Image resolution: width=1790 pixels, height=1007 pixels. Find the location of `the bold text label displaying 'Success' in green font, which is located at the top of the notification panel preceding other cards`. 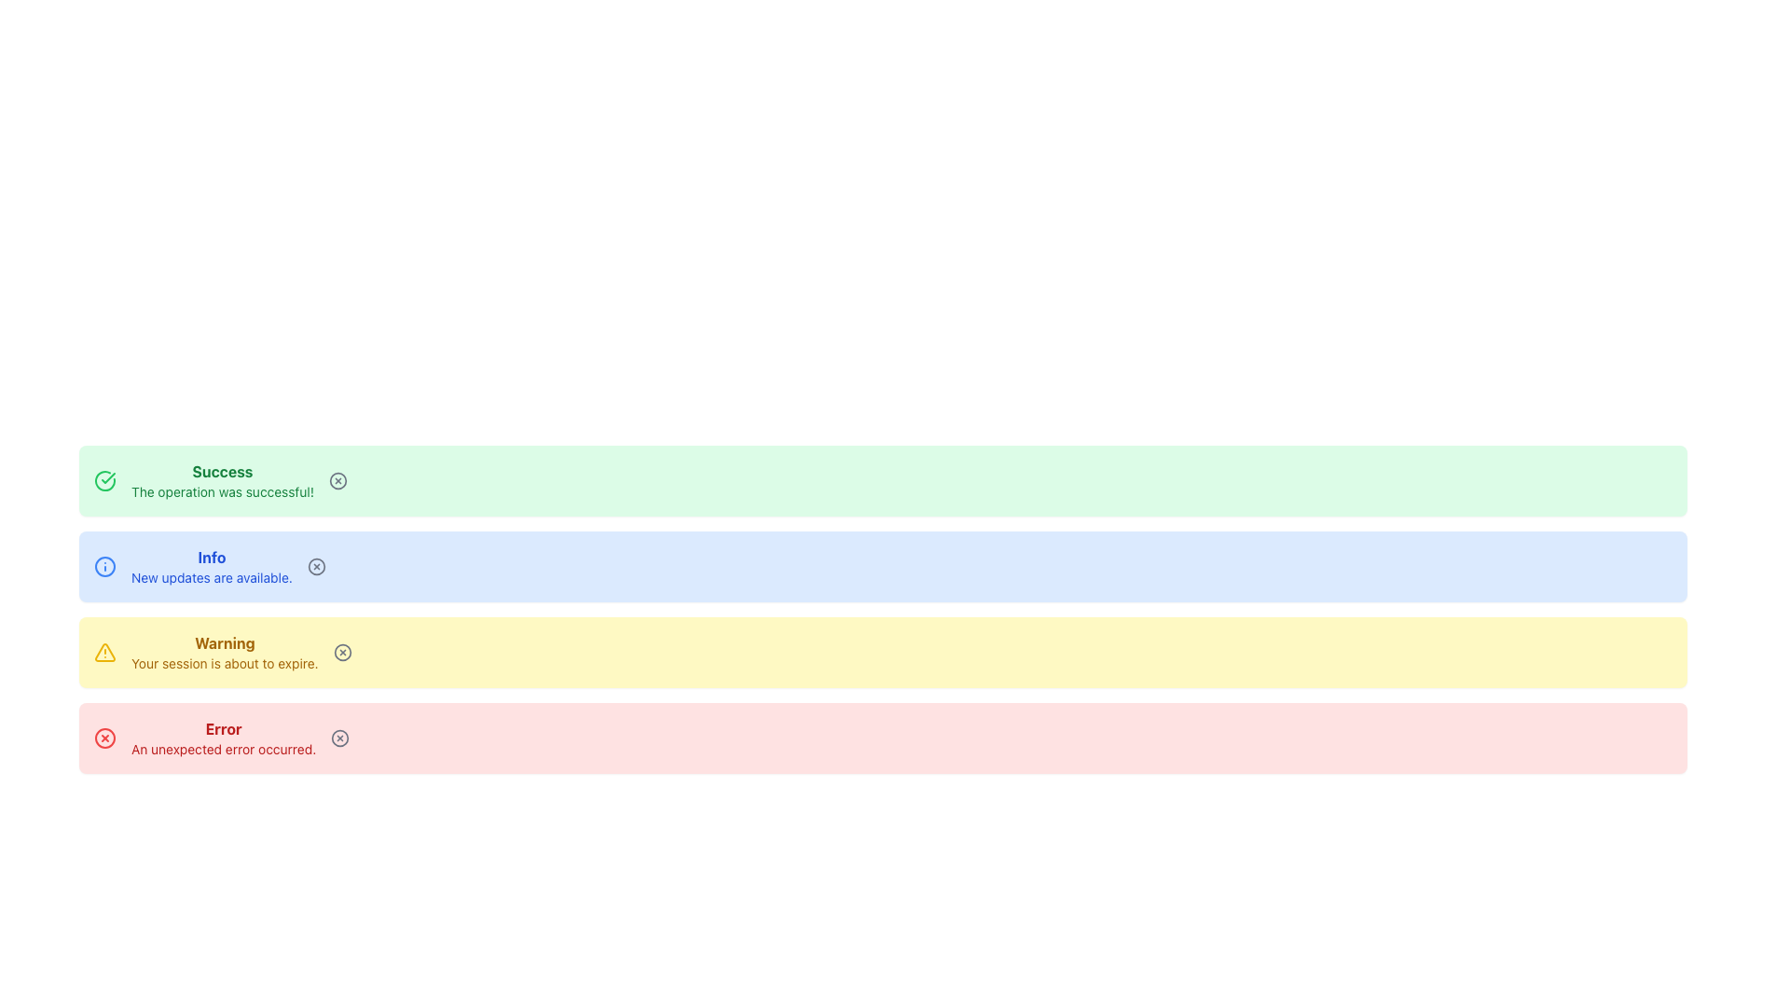

the bold text label displaying 'Success' in green font, which is located at the top of the notification panel preceding other cards is located at coordinates (223, 470).